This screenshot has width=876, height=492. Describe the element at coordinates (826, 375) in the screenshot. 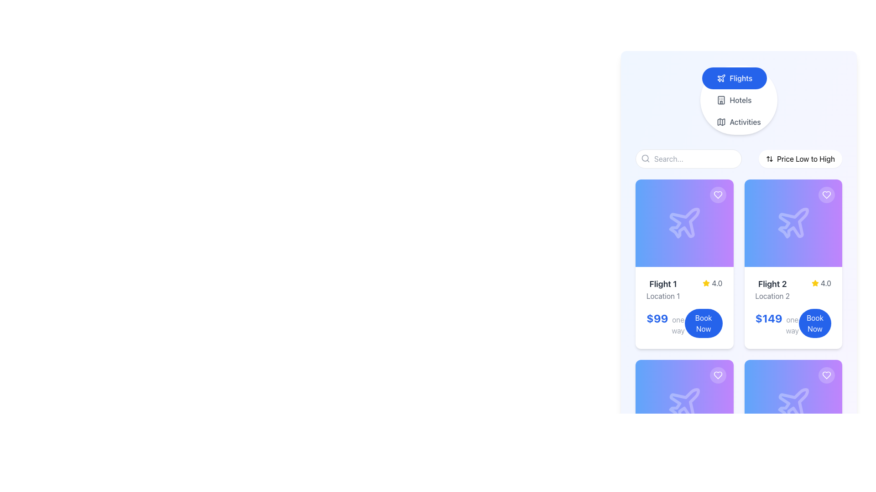

I see `the favorites toggle icon located at the top-right corner of the 'Flight 2' card` at that location.